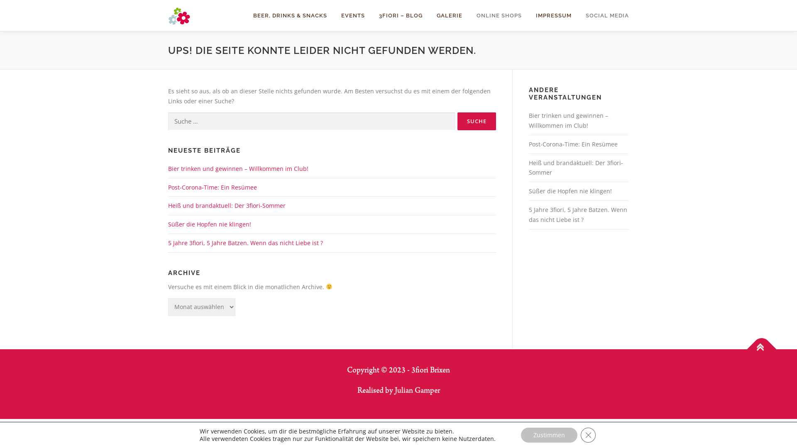 This screenshot has width=797, height=448. I want to click on 'Suche', so click(477, 121).